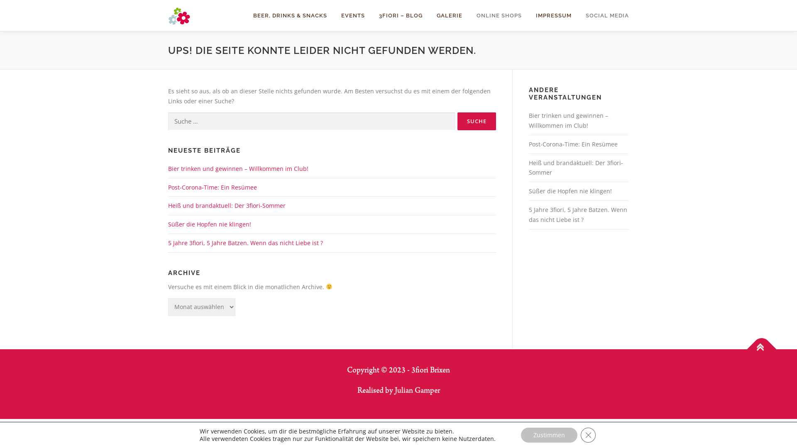 This screenshot has width=797, height=448. I want to click on 'Suche', so click(477, 121).